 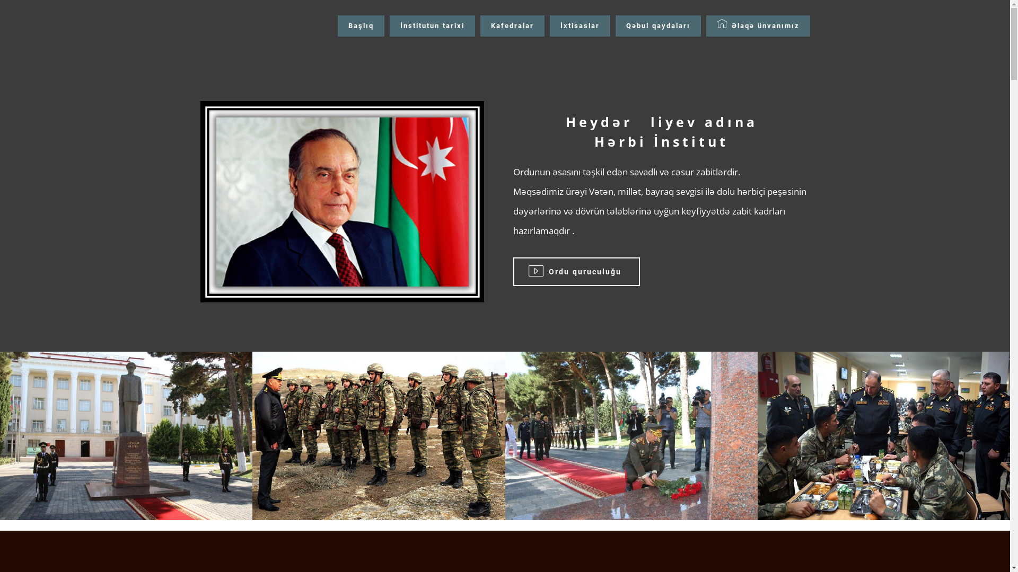 I want to click on 'Kafedralar', so click(x=512, y=25).